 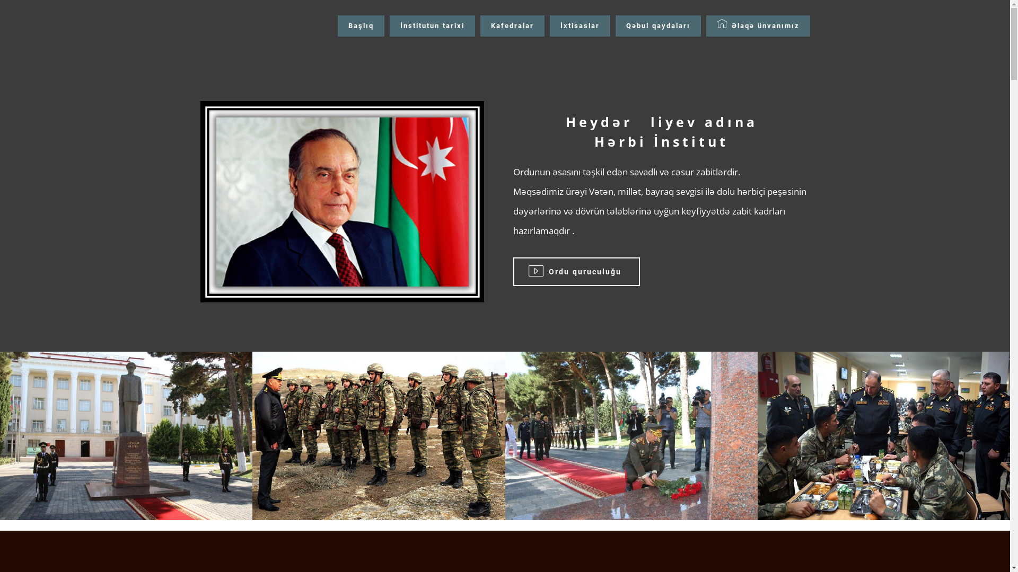 I want to click on 'Kafedralar', so click(x=512, y=25).